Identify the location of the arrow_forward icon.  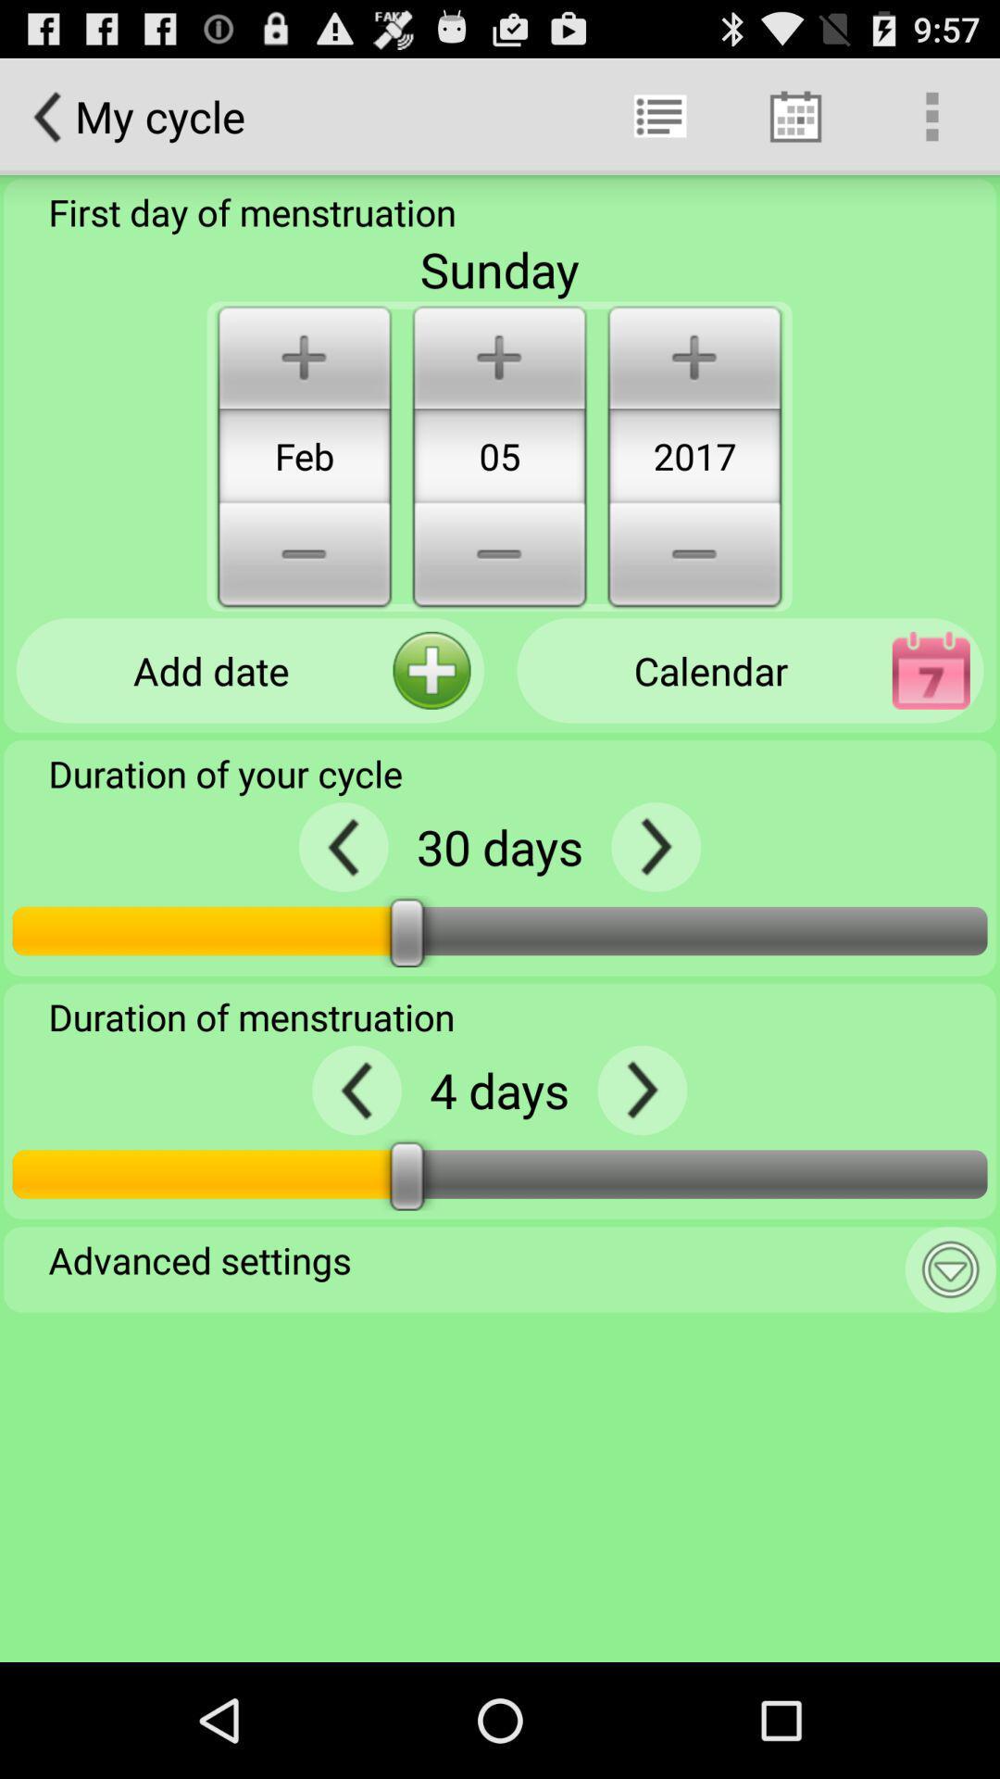
(641, 1166).